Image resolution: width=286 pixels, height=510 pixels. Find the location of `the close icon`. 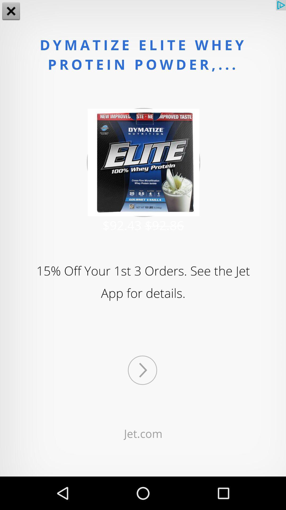

the close icon is located at coordinates (11, 12).